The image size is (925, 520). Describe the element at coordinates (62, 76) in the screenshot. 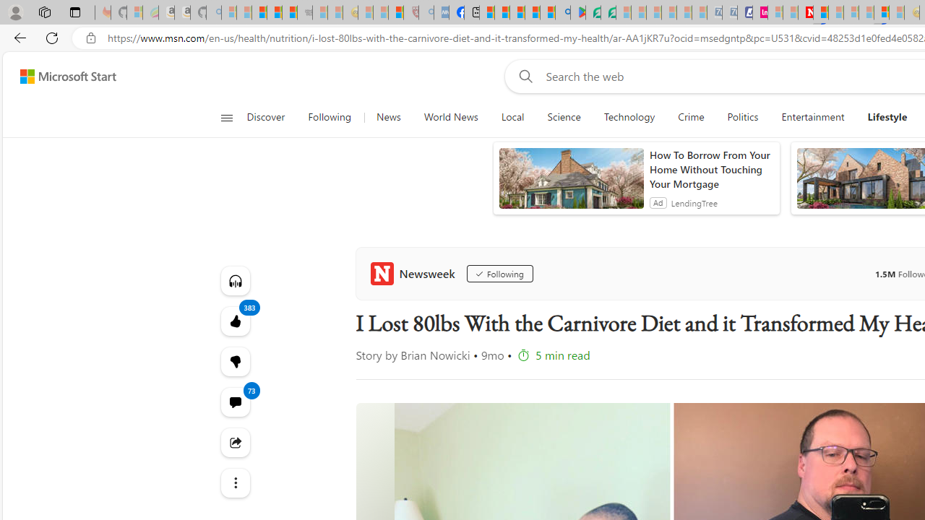

I see `'Skip to content'` at that location.